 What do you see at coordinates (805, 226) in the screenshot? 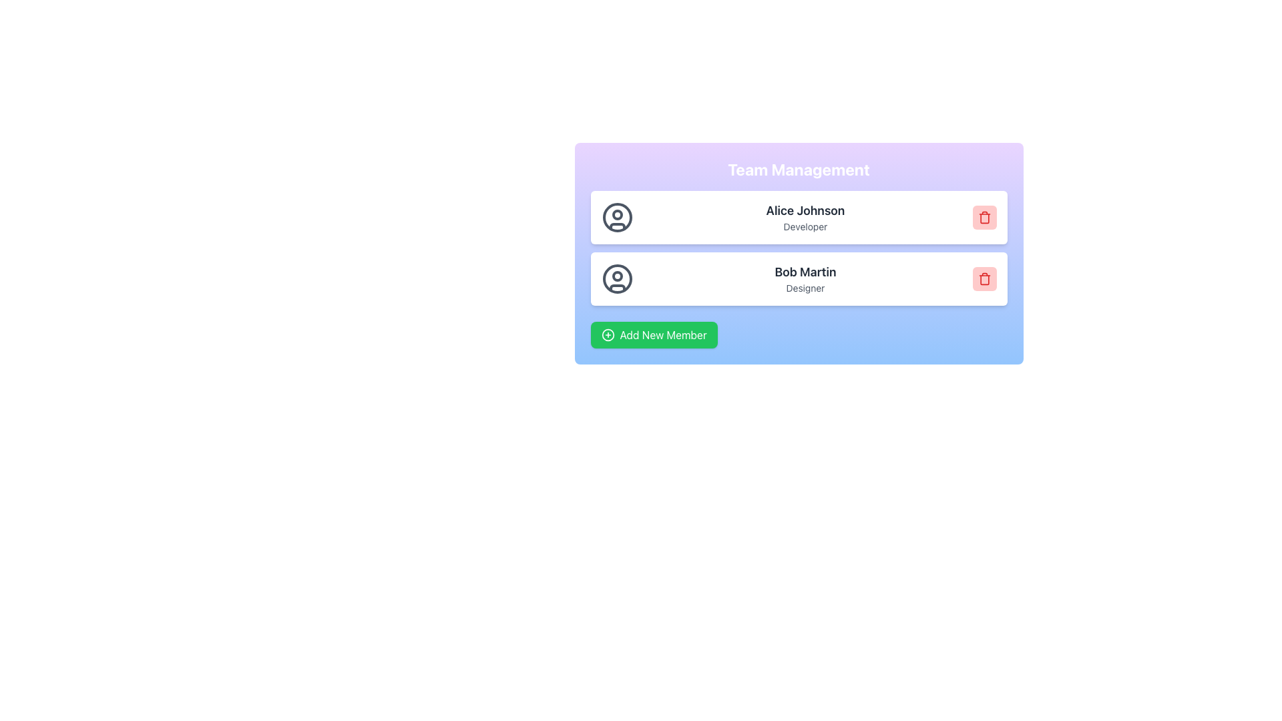
I see `the static text label indicating the job title associated with Alice Johnson in the Team Management section, located below the name label` at bounding box center [805, 226].